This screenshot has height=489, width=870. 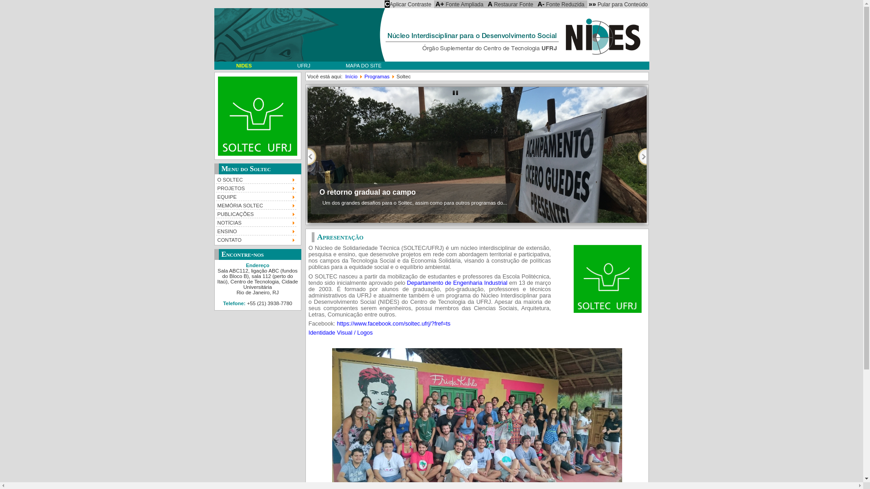 What do you see at coordinates (377, 76) in the screenshot?
I see `'Programas'` at bounding box center [377, 76].